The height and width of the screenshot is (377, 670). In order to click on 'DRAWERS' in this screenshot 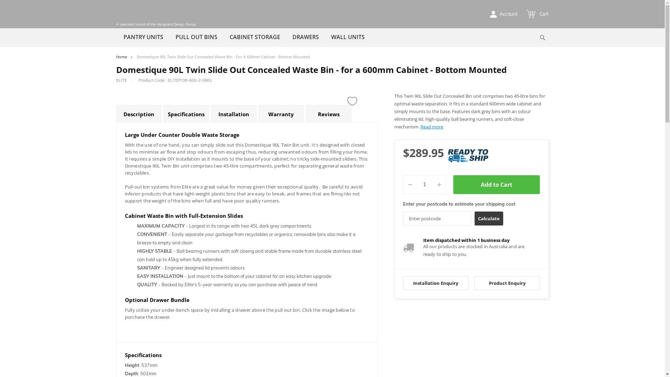, I will do `click(305, 37)`.